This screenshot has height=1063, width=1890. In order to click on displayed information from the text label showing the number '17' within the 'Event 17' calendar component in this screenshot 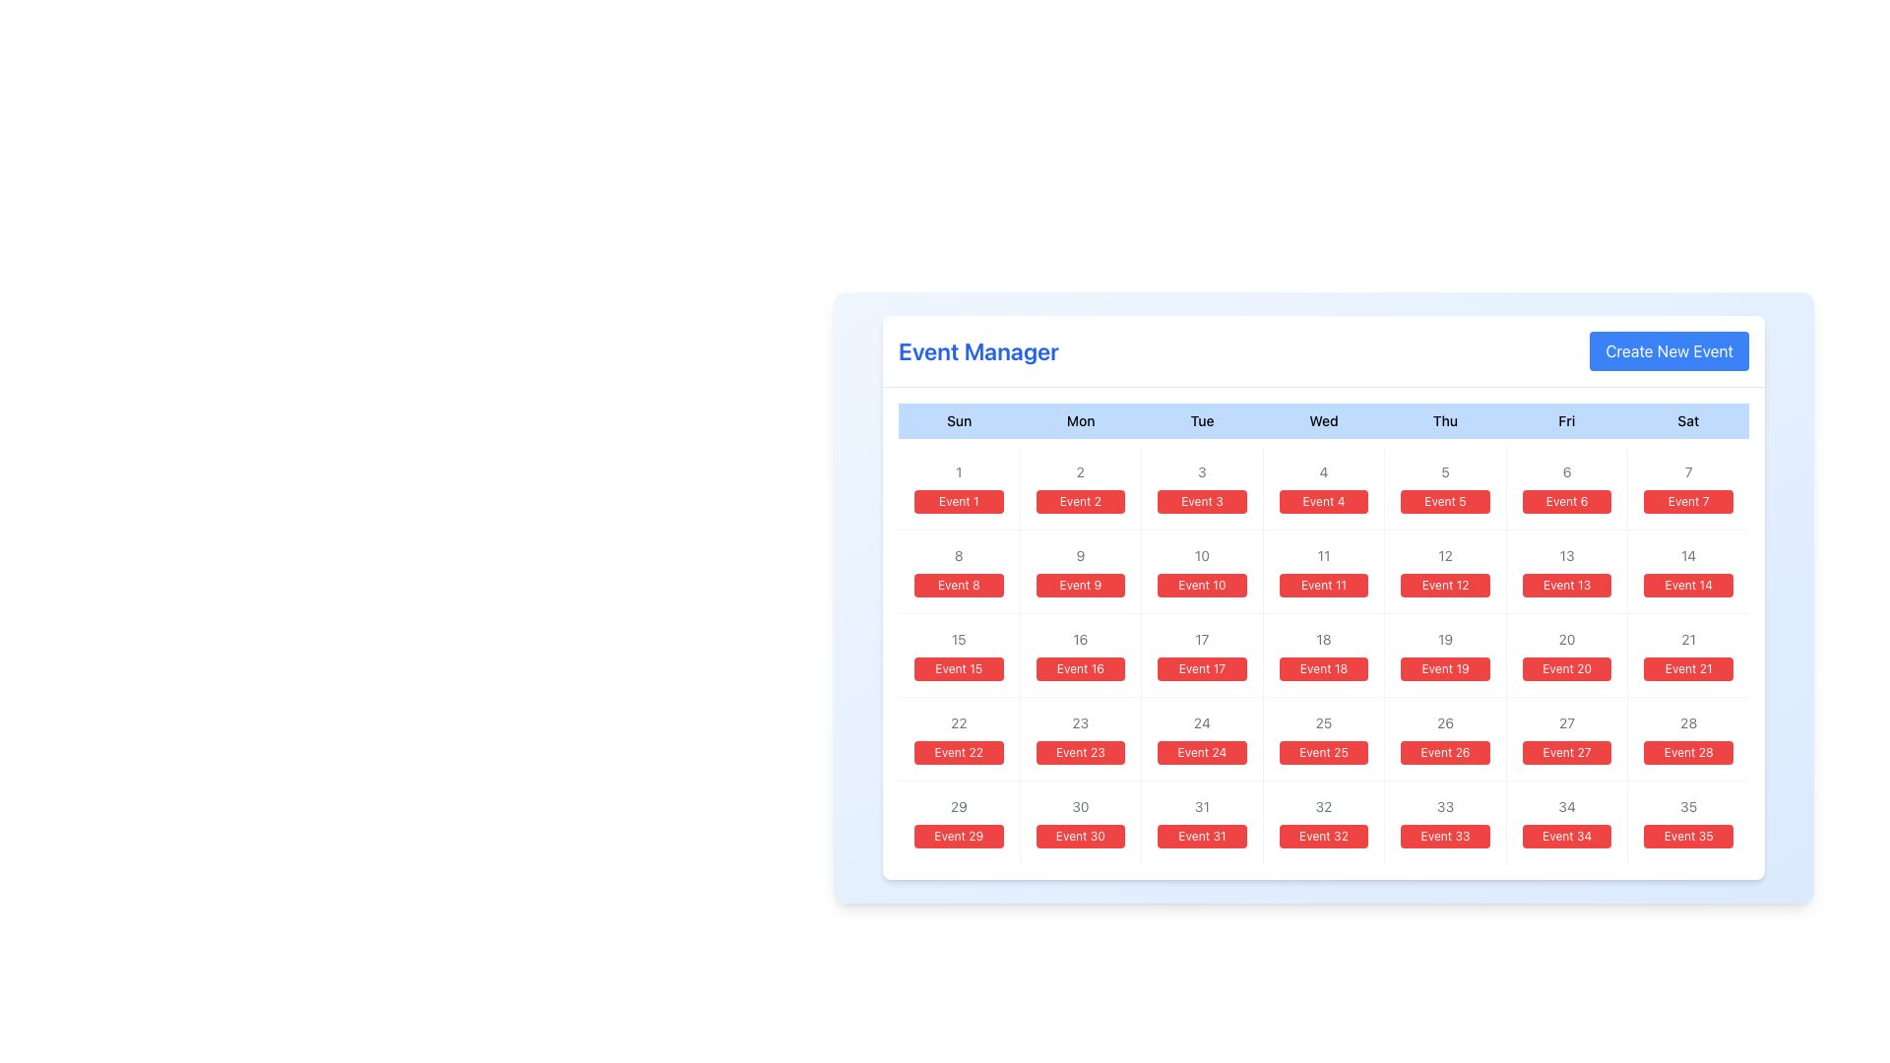, I will do `click(1201, 640)`.